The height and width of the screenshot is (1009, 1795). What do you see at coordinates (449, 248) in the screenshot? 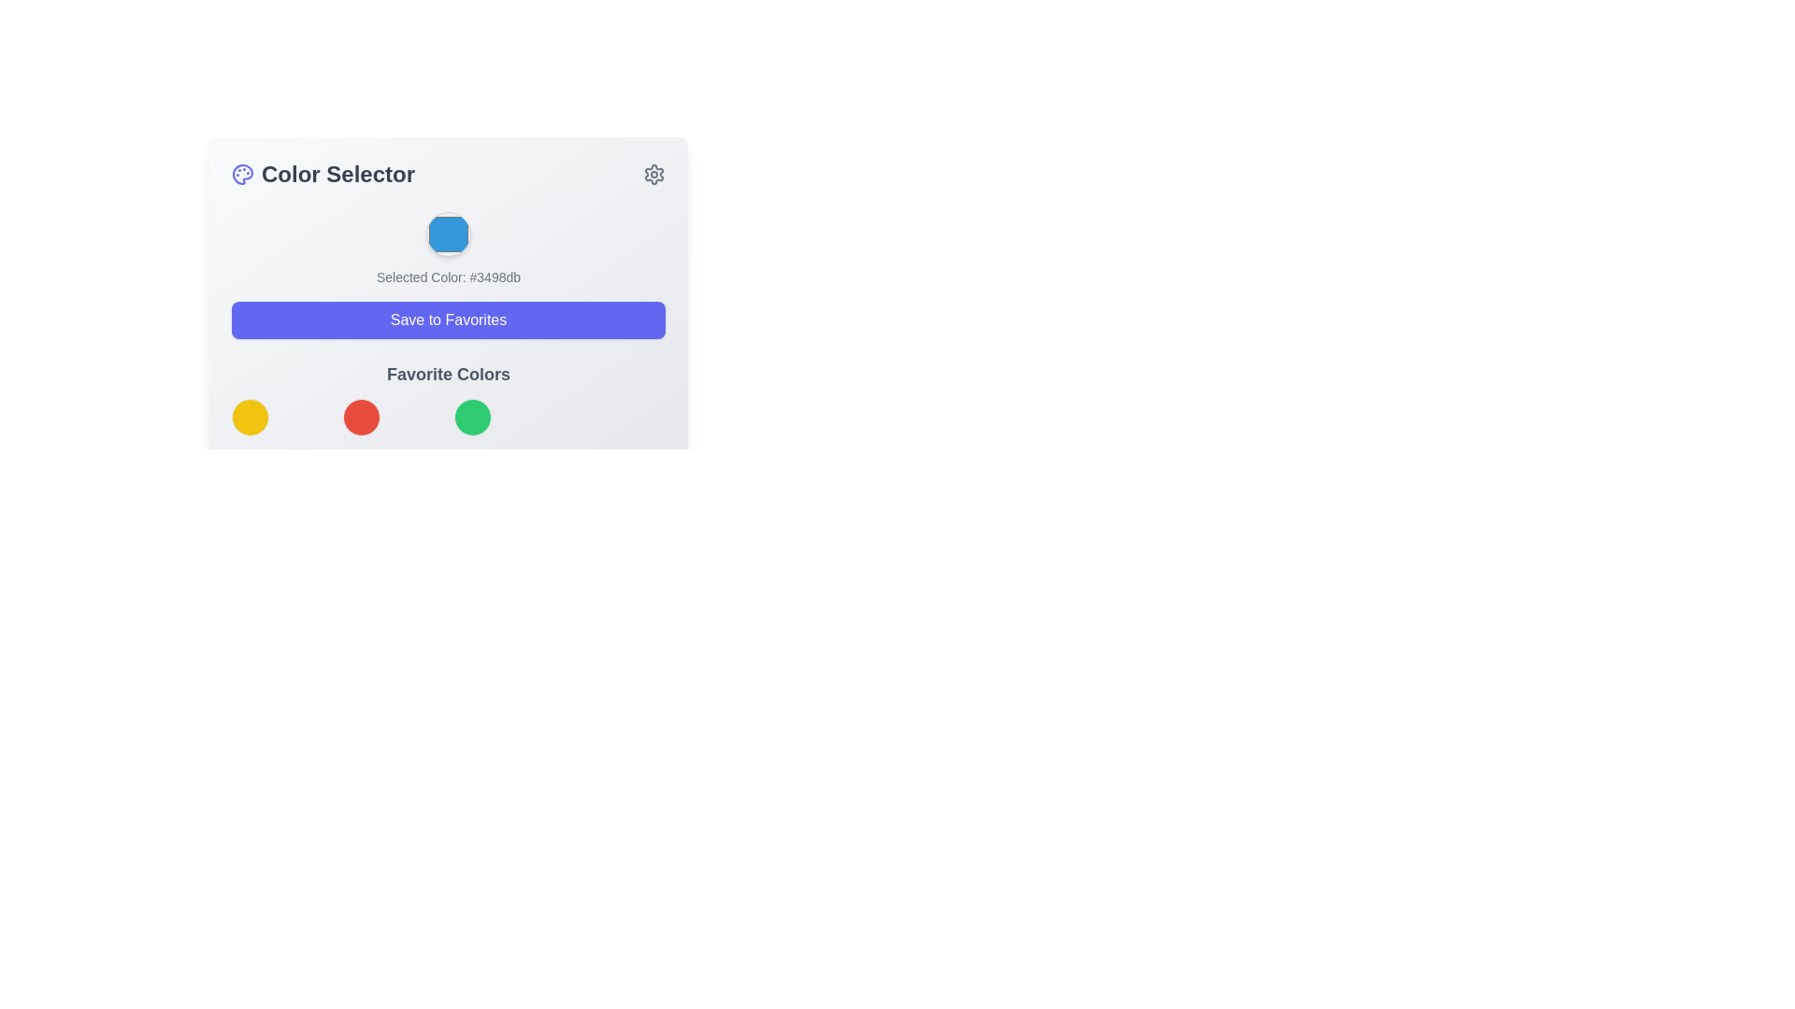
I see `the blue circular color picker button labeled 'Selected Color: #3498db' to confirm a color action` at bounding box center [449, 248].